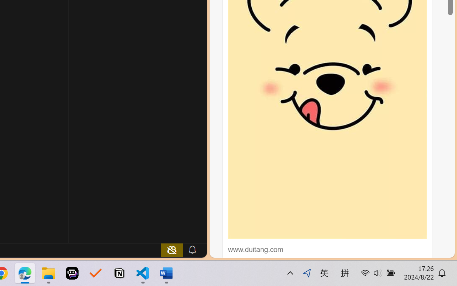 This screenshot has height=286, width=457. What do you see at coordinates (172, 250) in the screenshot?
I see `'copilot-notconnected, Copilot error (click for details)'` at bounding box center [172, 250].